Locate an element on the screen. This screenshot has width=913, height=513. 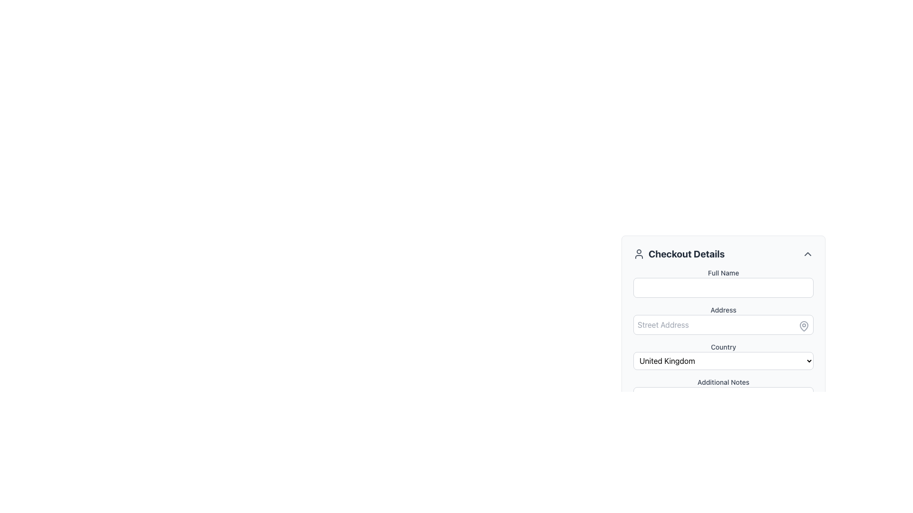
the down arrow of the country selection dropdown menu is located at coordinates (723, 356).